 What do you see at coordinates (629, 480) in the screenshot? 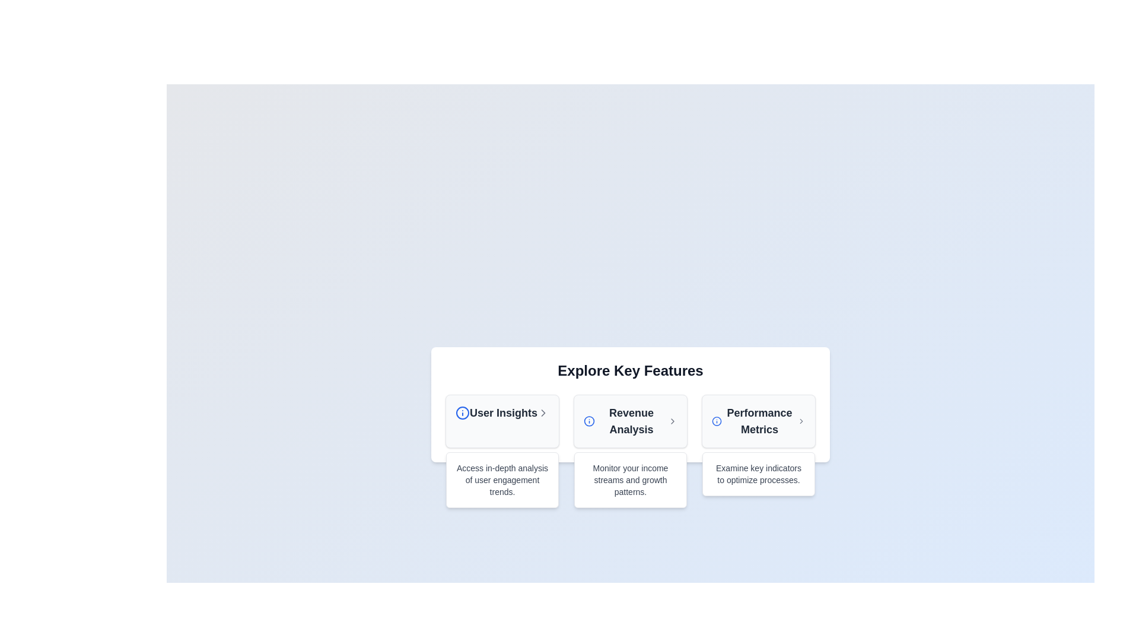
I see `descriptive text related to the 'Revenue Analysis' feature located in the third column under the heading 'Revenue Analysis' in the 'Explore Key Features' section` at bounding box center [629, 480].